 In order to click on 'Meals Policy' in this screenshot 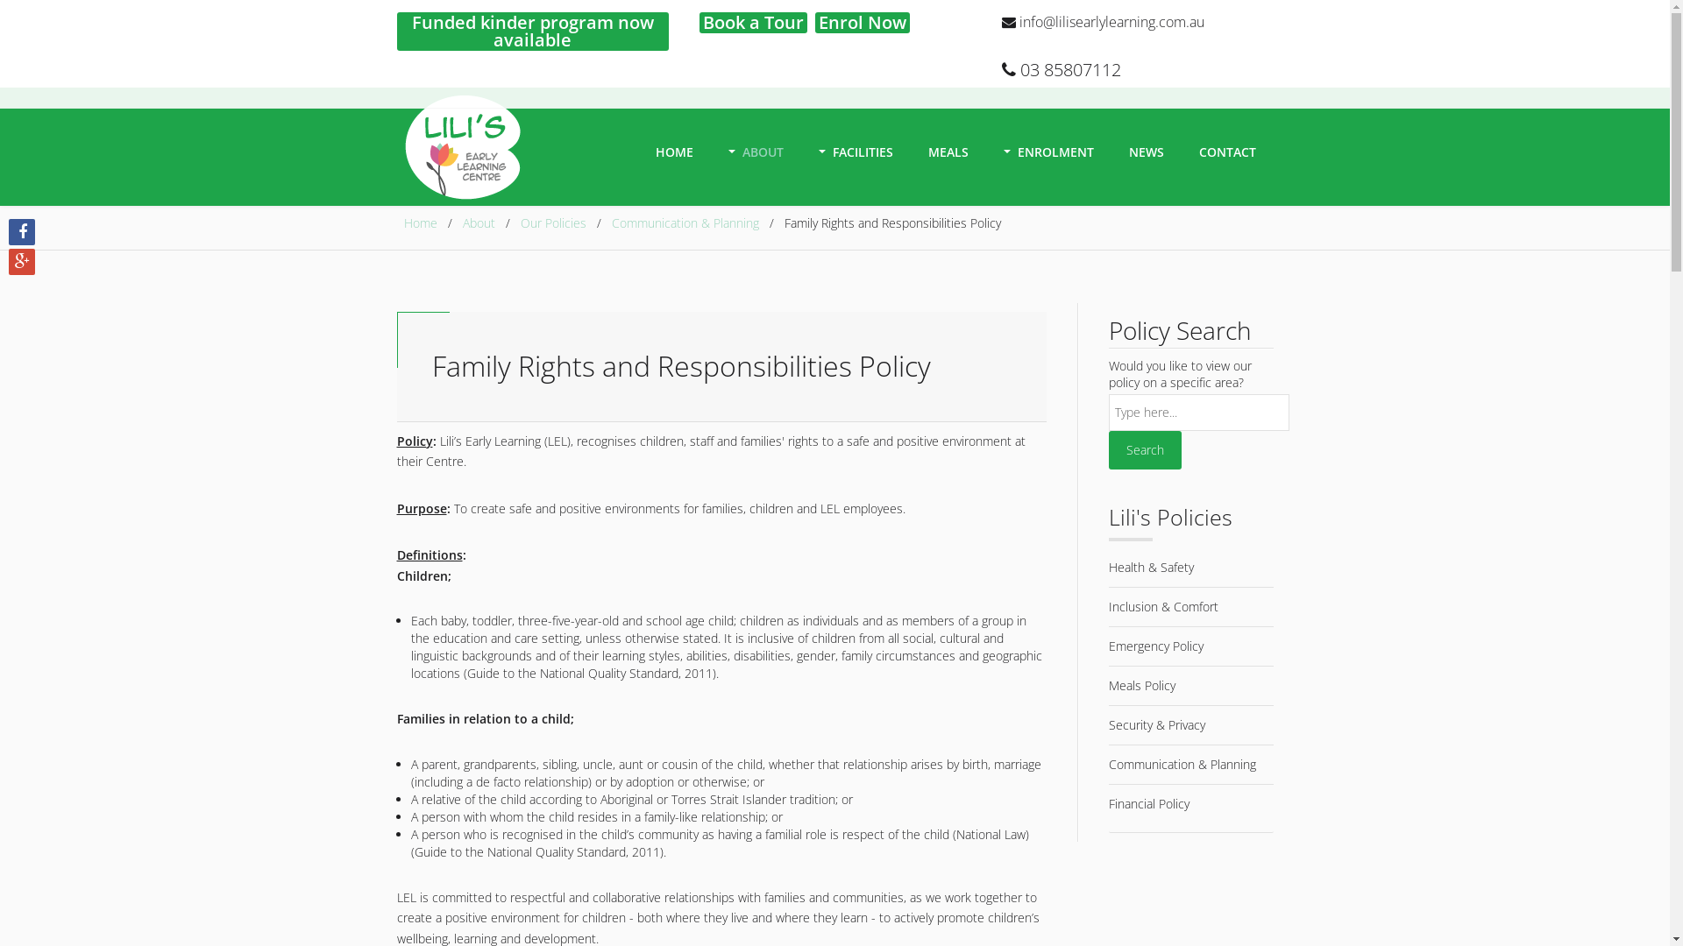, I will do `click(1108, 684)`.